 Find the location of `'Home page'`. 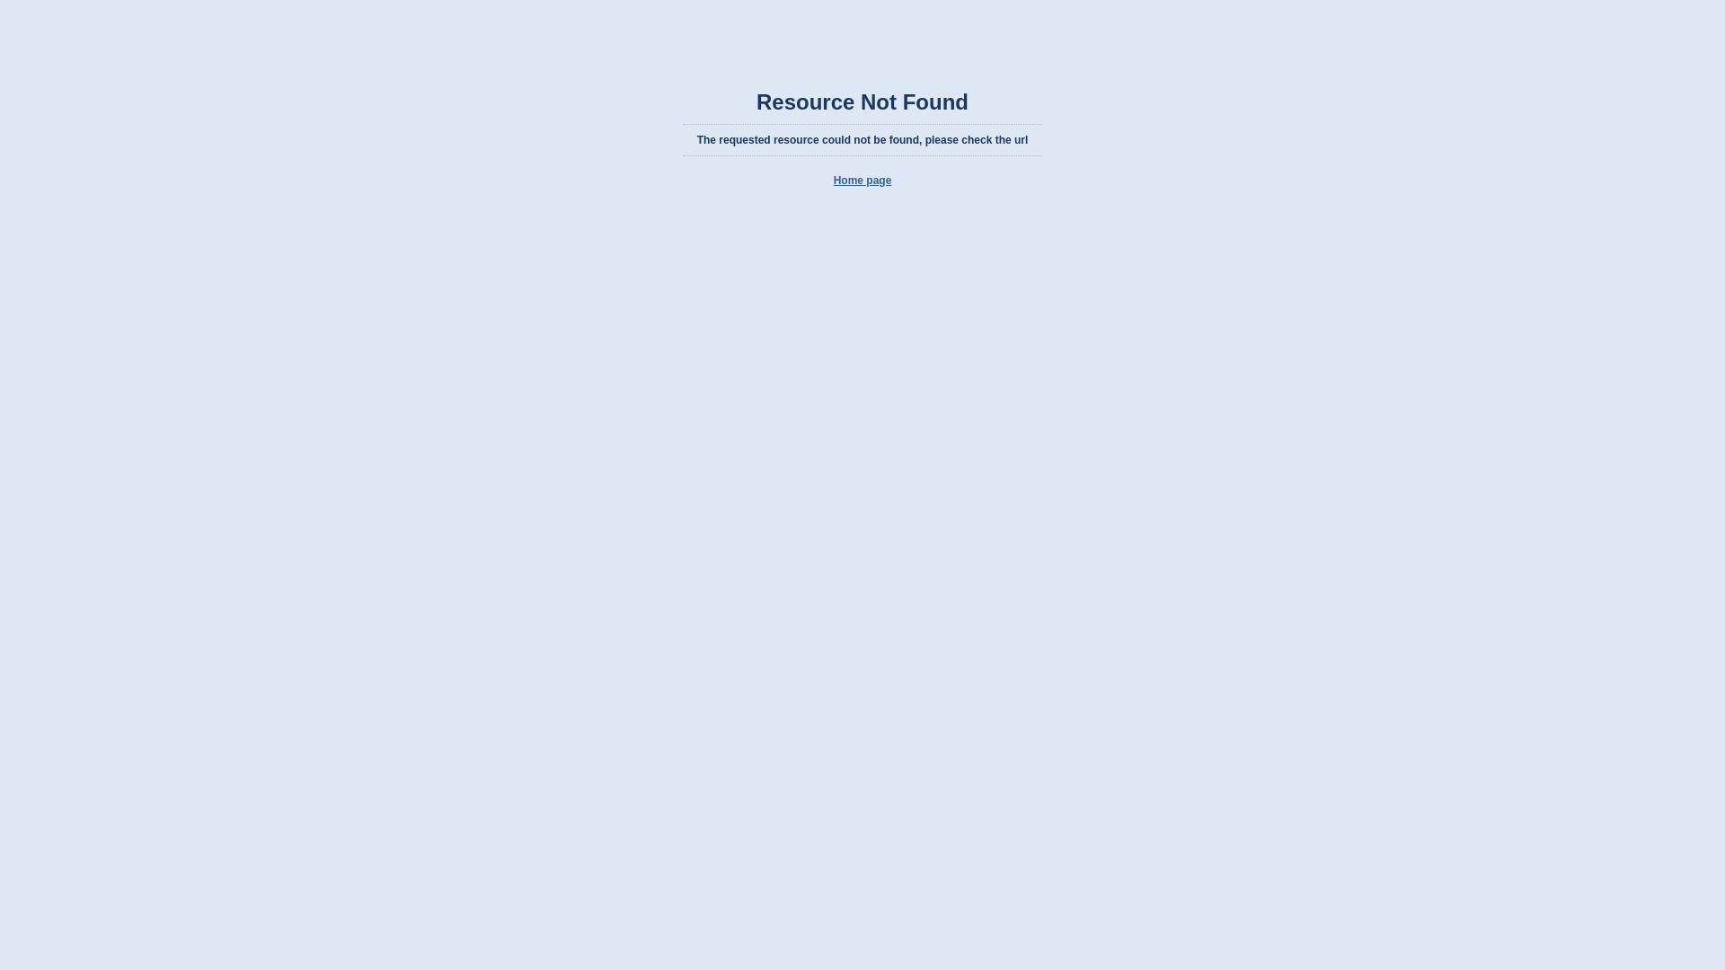

'Home page' is located at coordinates (862, 180).